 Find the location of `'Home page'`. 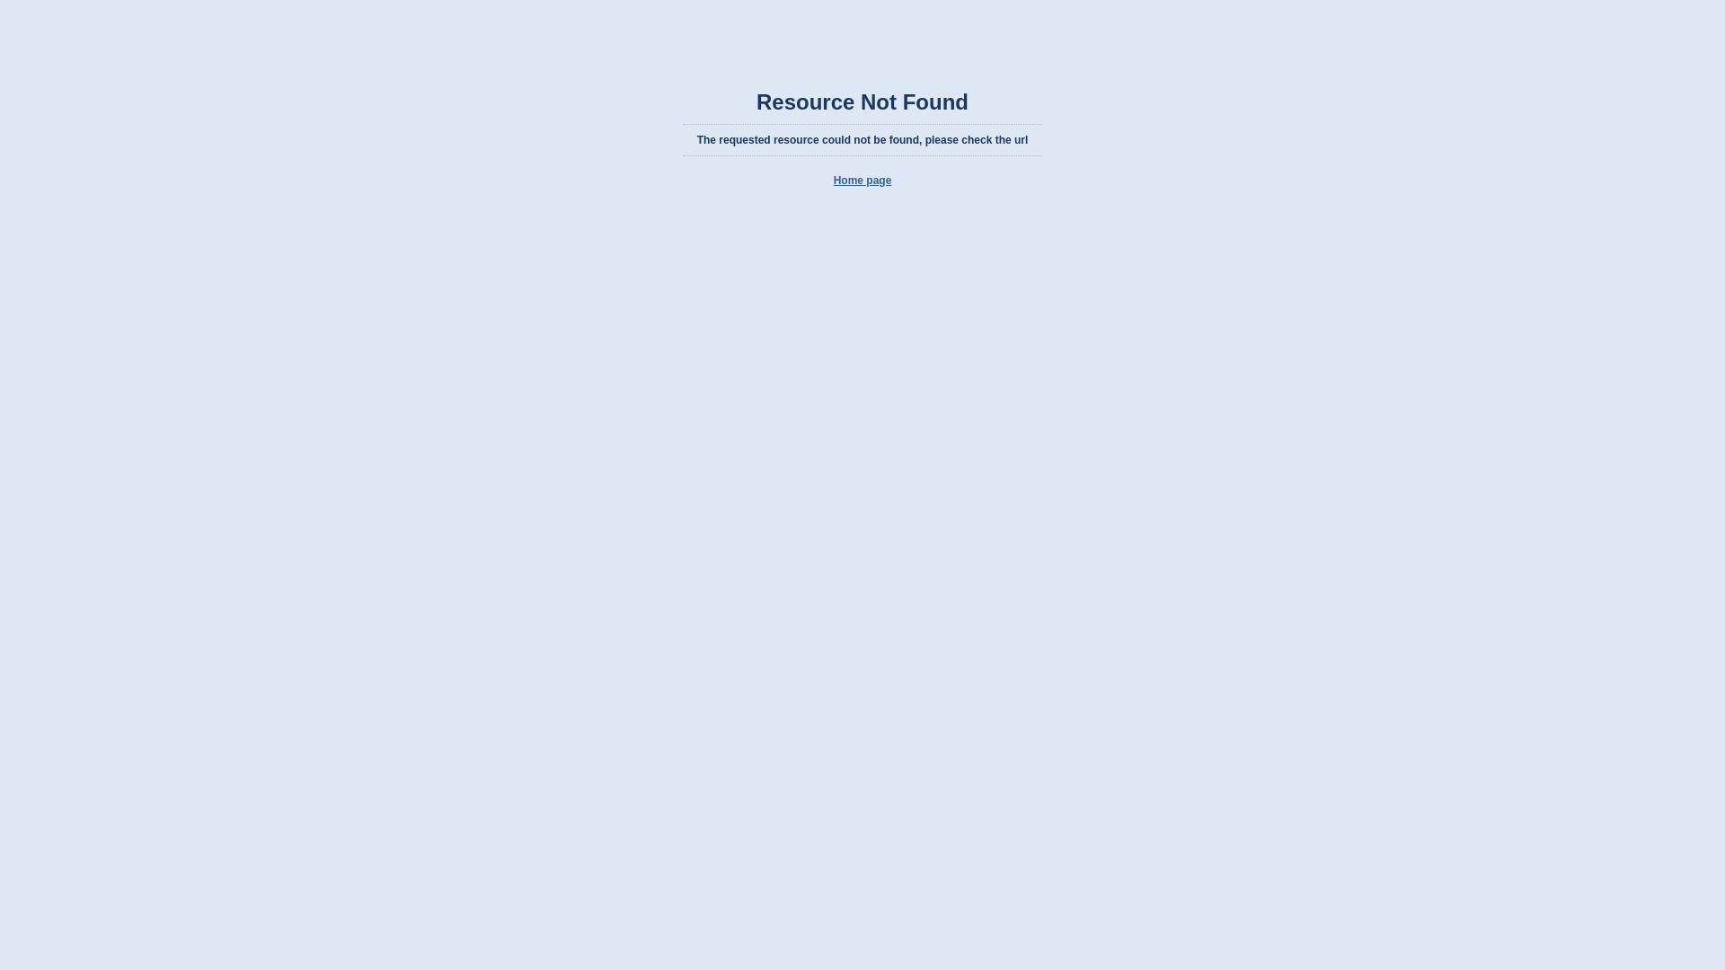

'Home page' is located at coordinates (862, 180).